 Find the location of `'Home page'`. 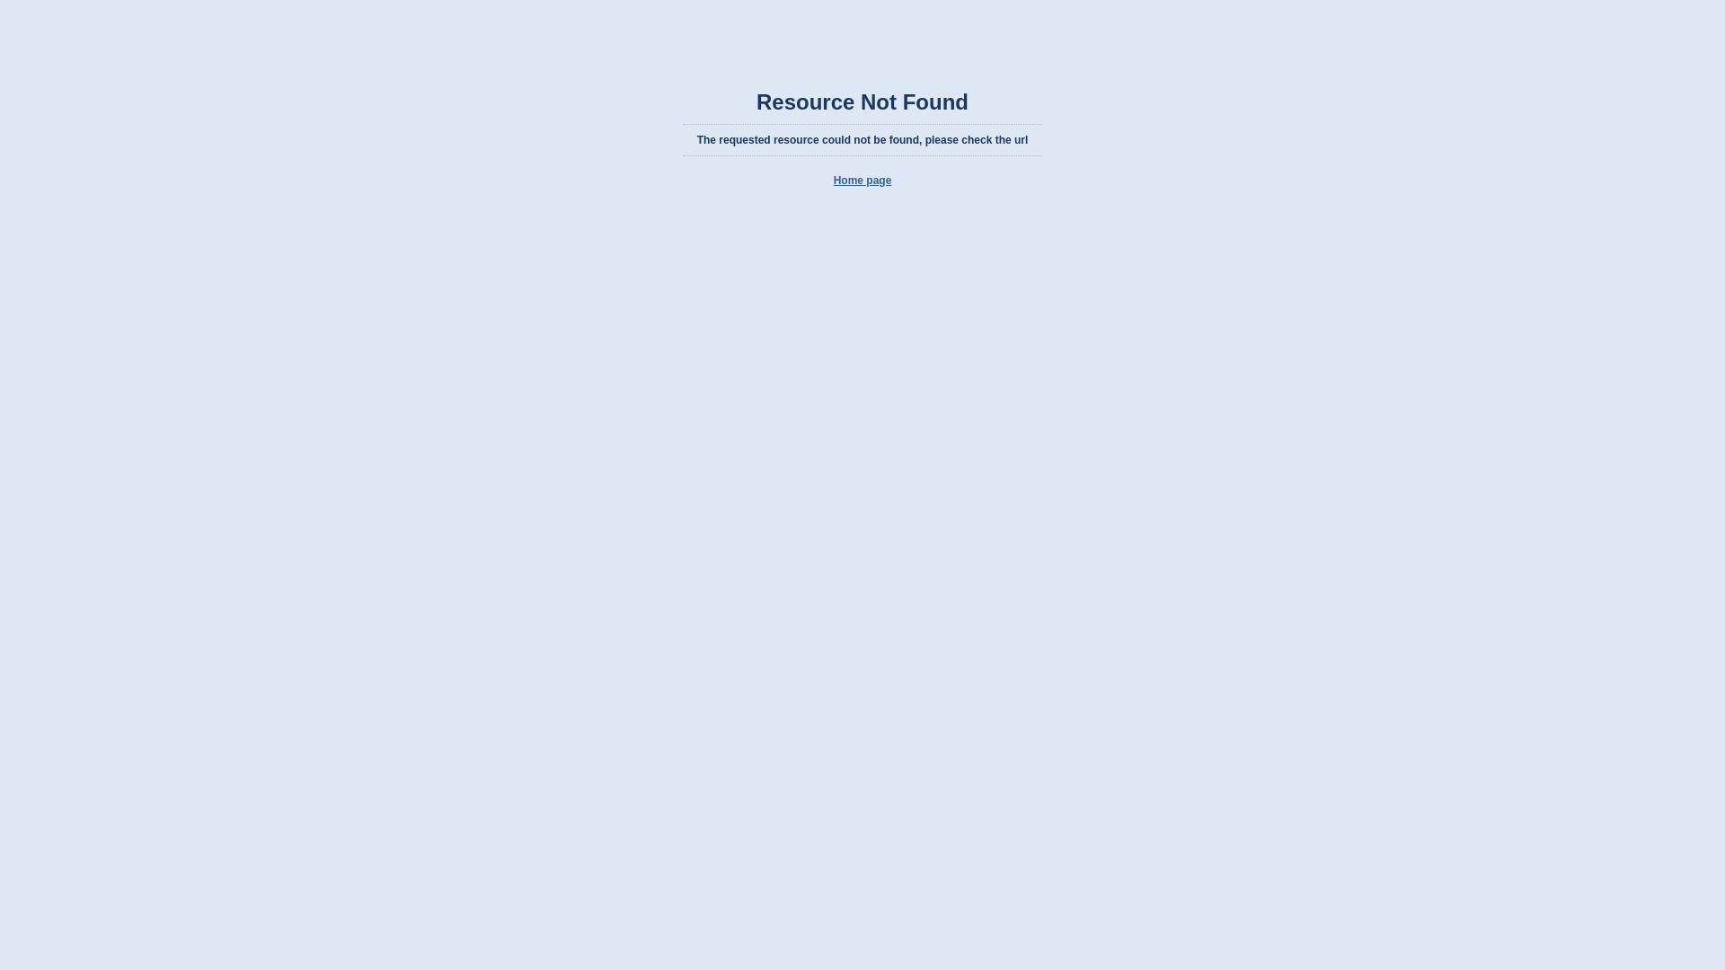

'Home page' is located at coordinates (862, 180).